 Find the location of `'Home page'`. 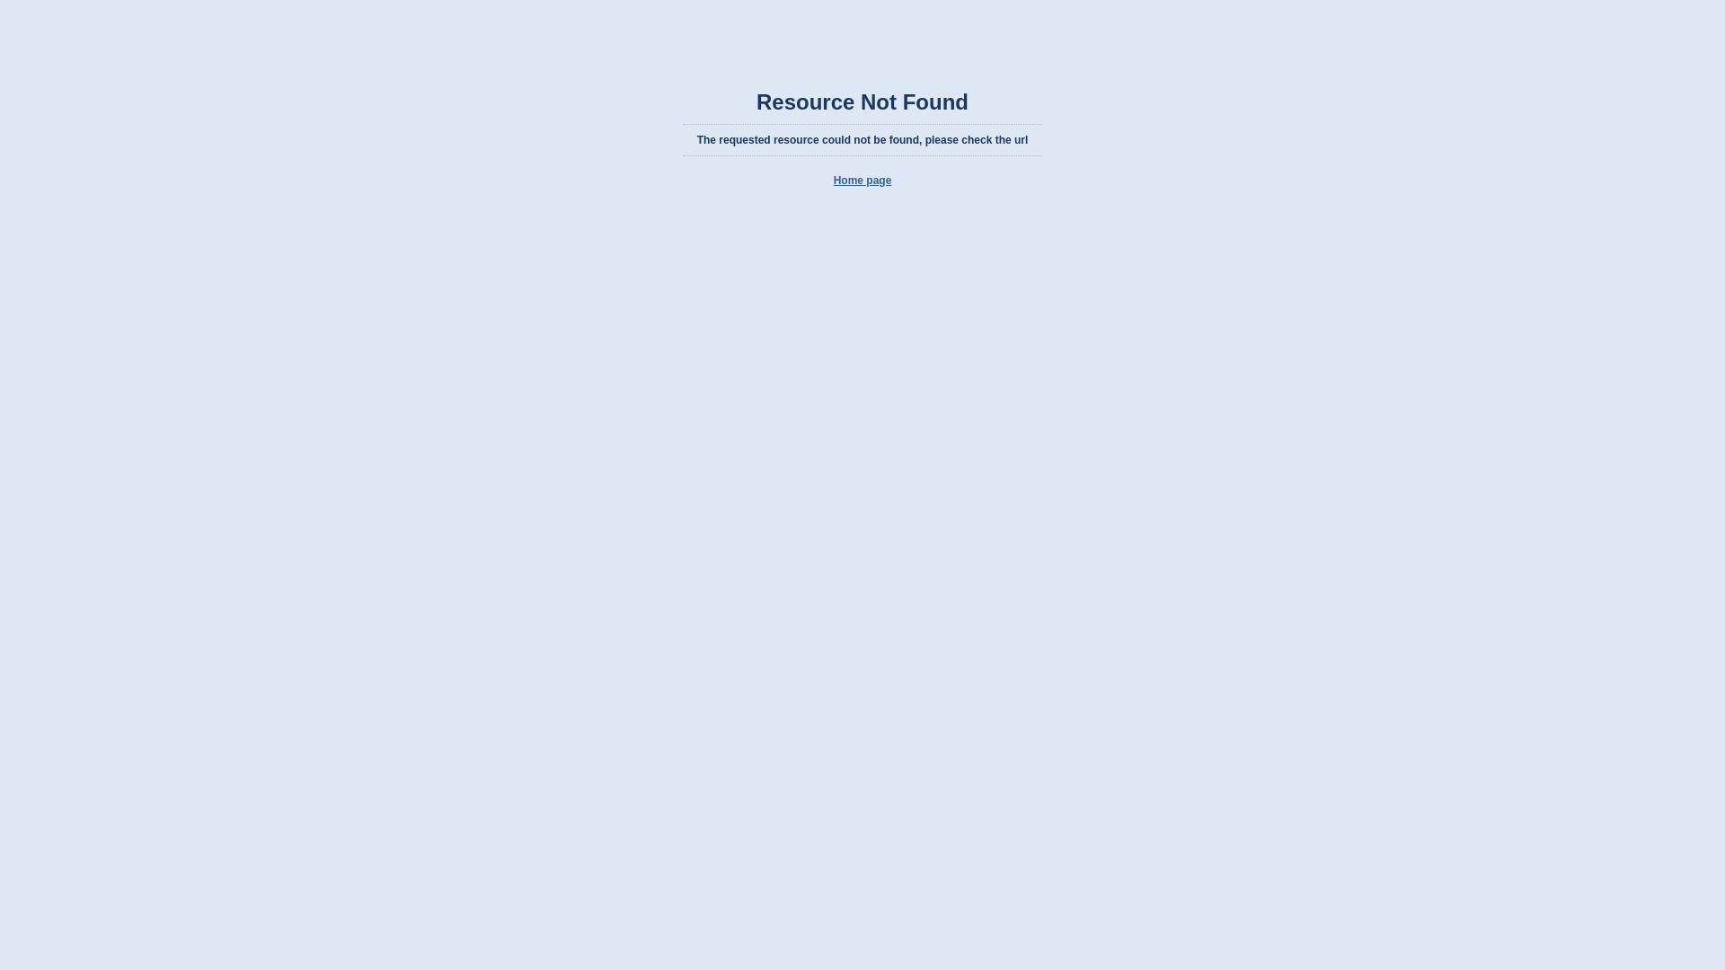

'Home page' is located at coordinates (862, 180).